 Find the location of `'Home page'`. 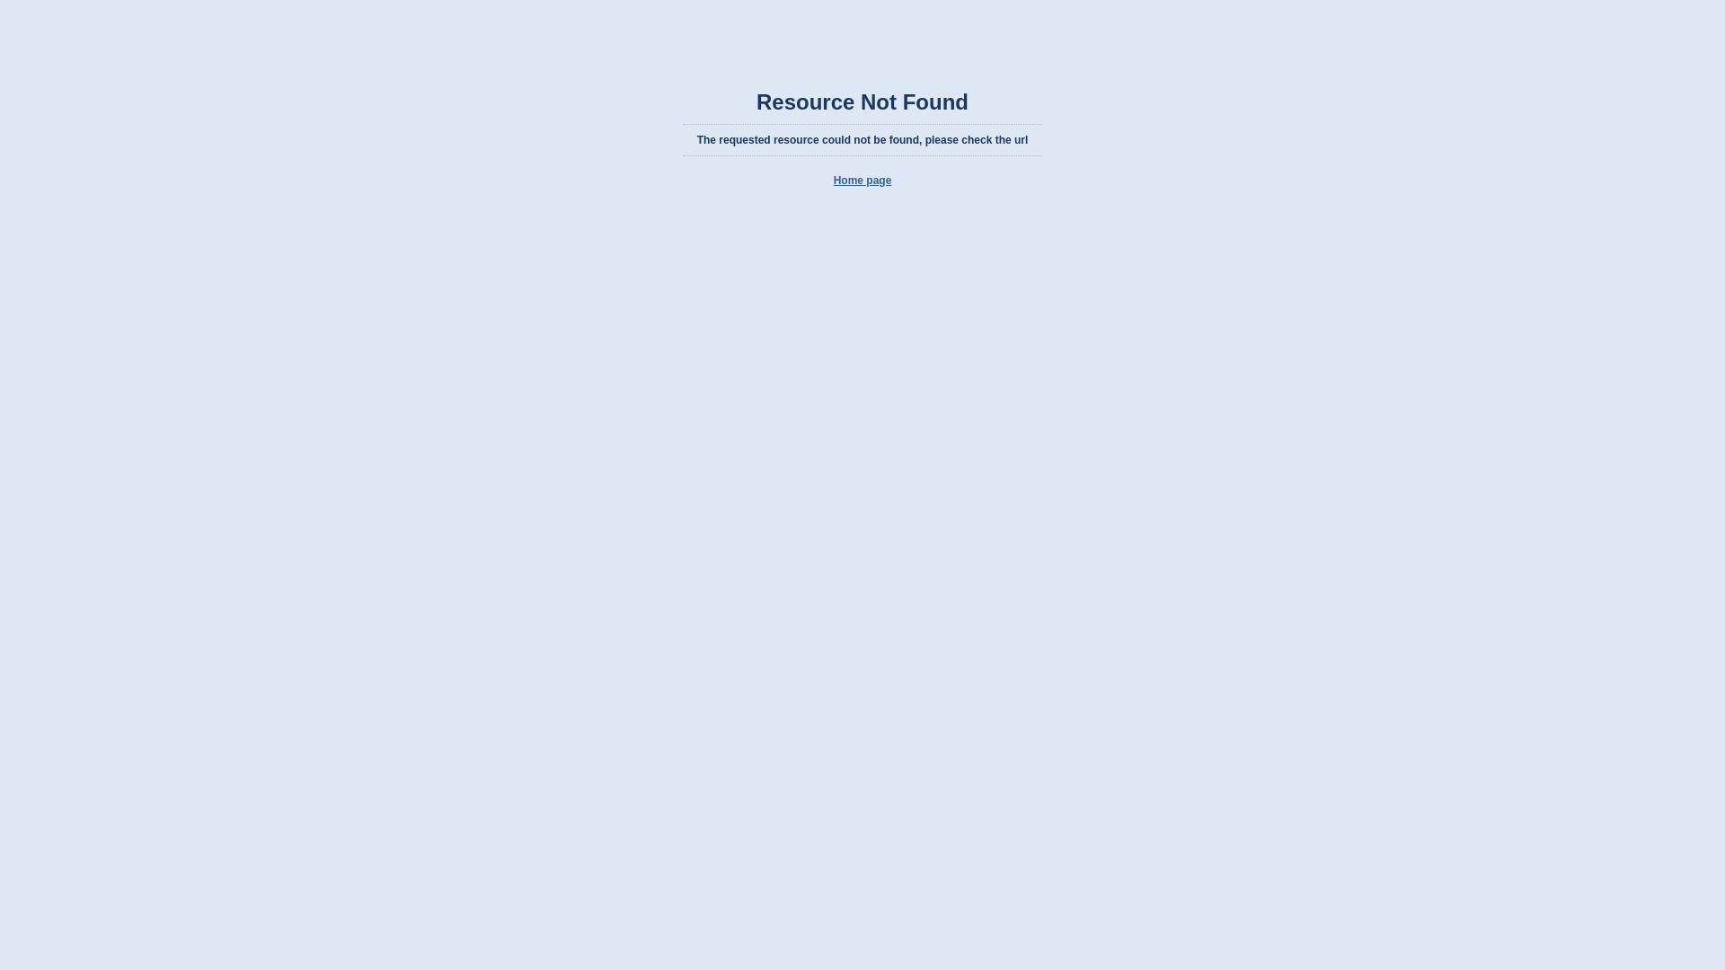

'Home page' is located at coordinates (862, 180).